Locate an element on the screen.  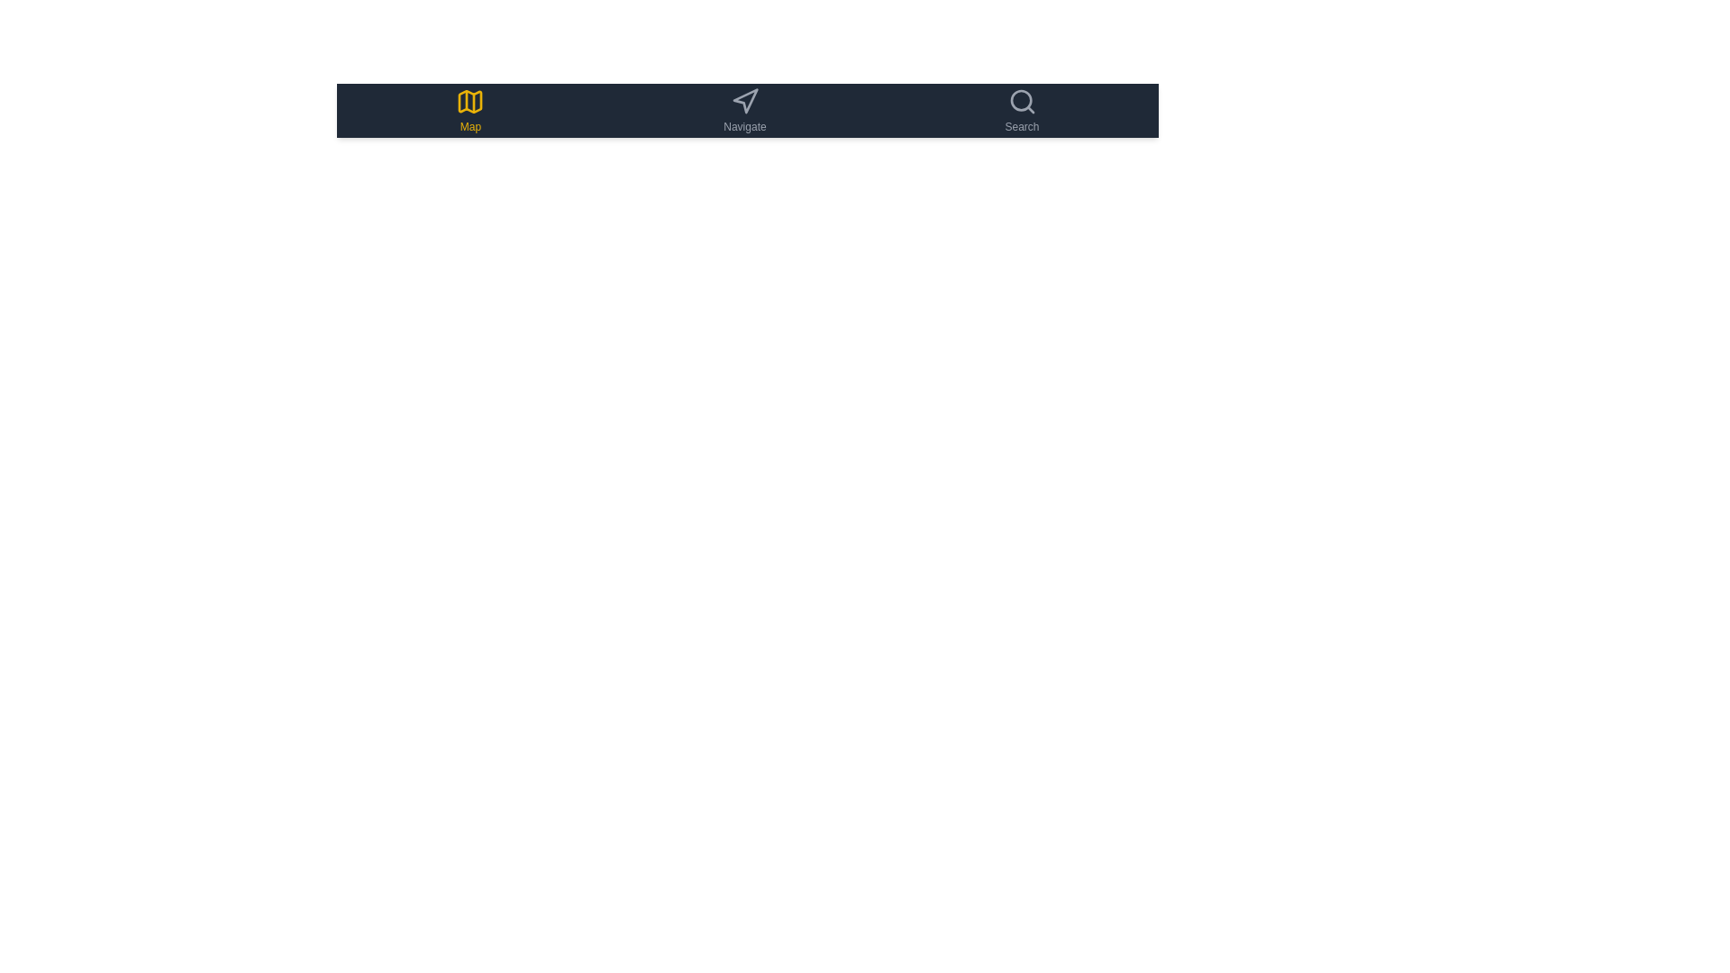
the navigation-related vector icon shaped like an arrowhead, which is located in the dark toolbar between the 'Map' icon and the 'Search' icon is located at coordinates (745, 101).